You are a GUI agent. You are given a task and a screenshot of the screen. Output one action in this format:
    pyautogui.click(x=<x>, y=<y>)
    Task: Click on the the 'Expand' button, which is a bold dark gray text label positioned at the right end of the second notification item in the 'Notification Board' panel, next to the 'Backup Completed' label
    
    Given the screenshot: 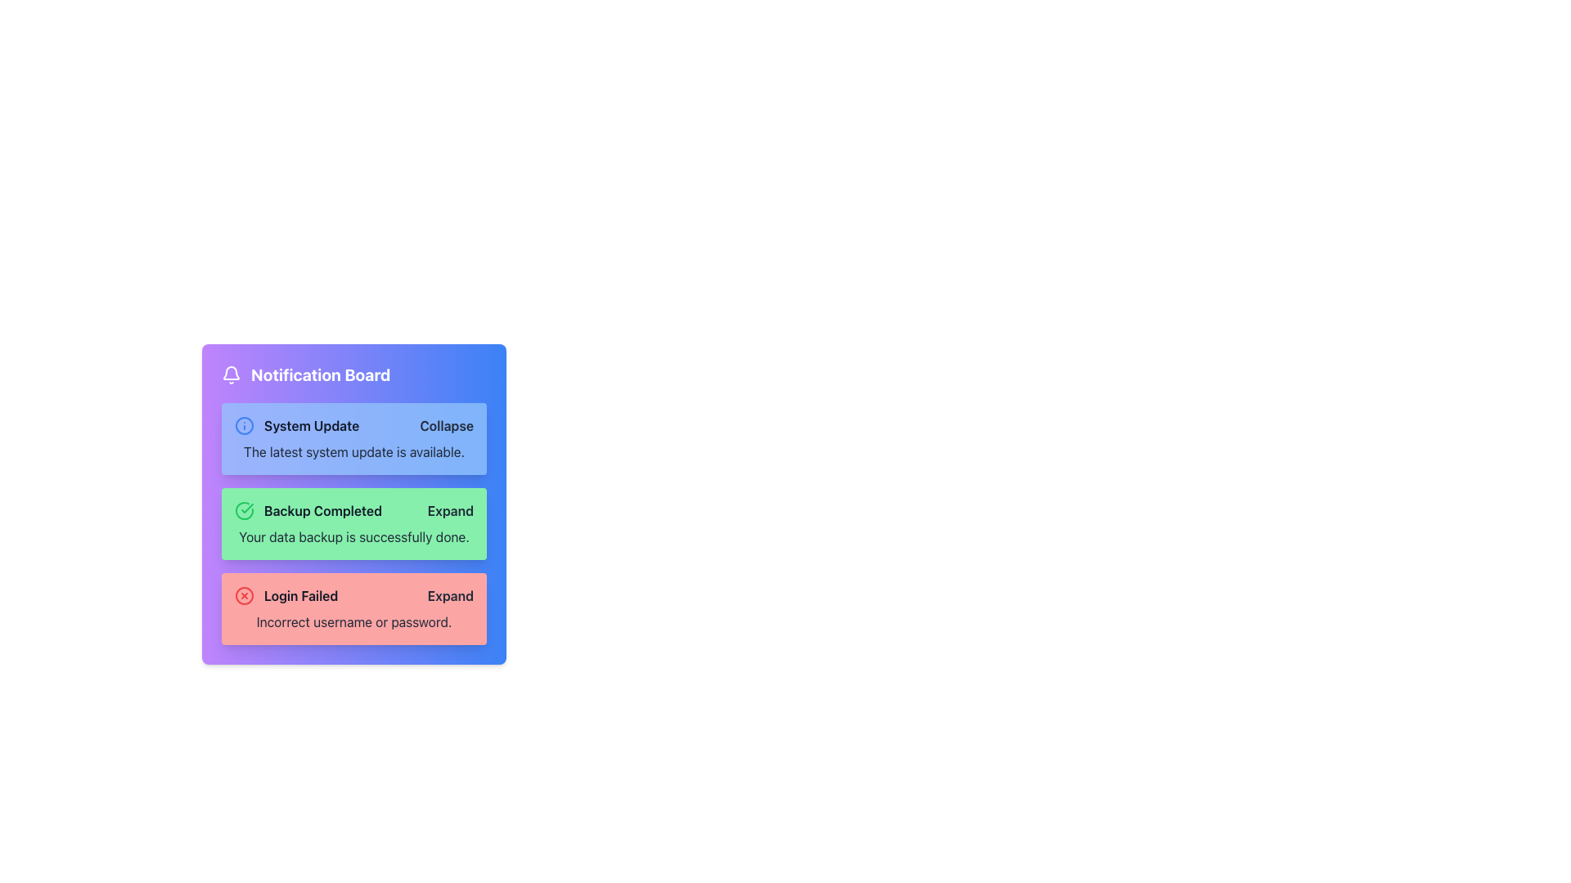 What is the action you would take?
    pyautogui.click(x=450, y=509)
    